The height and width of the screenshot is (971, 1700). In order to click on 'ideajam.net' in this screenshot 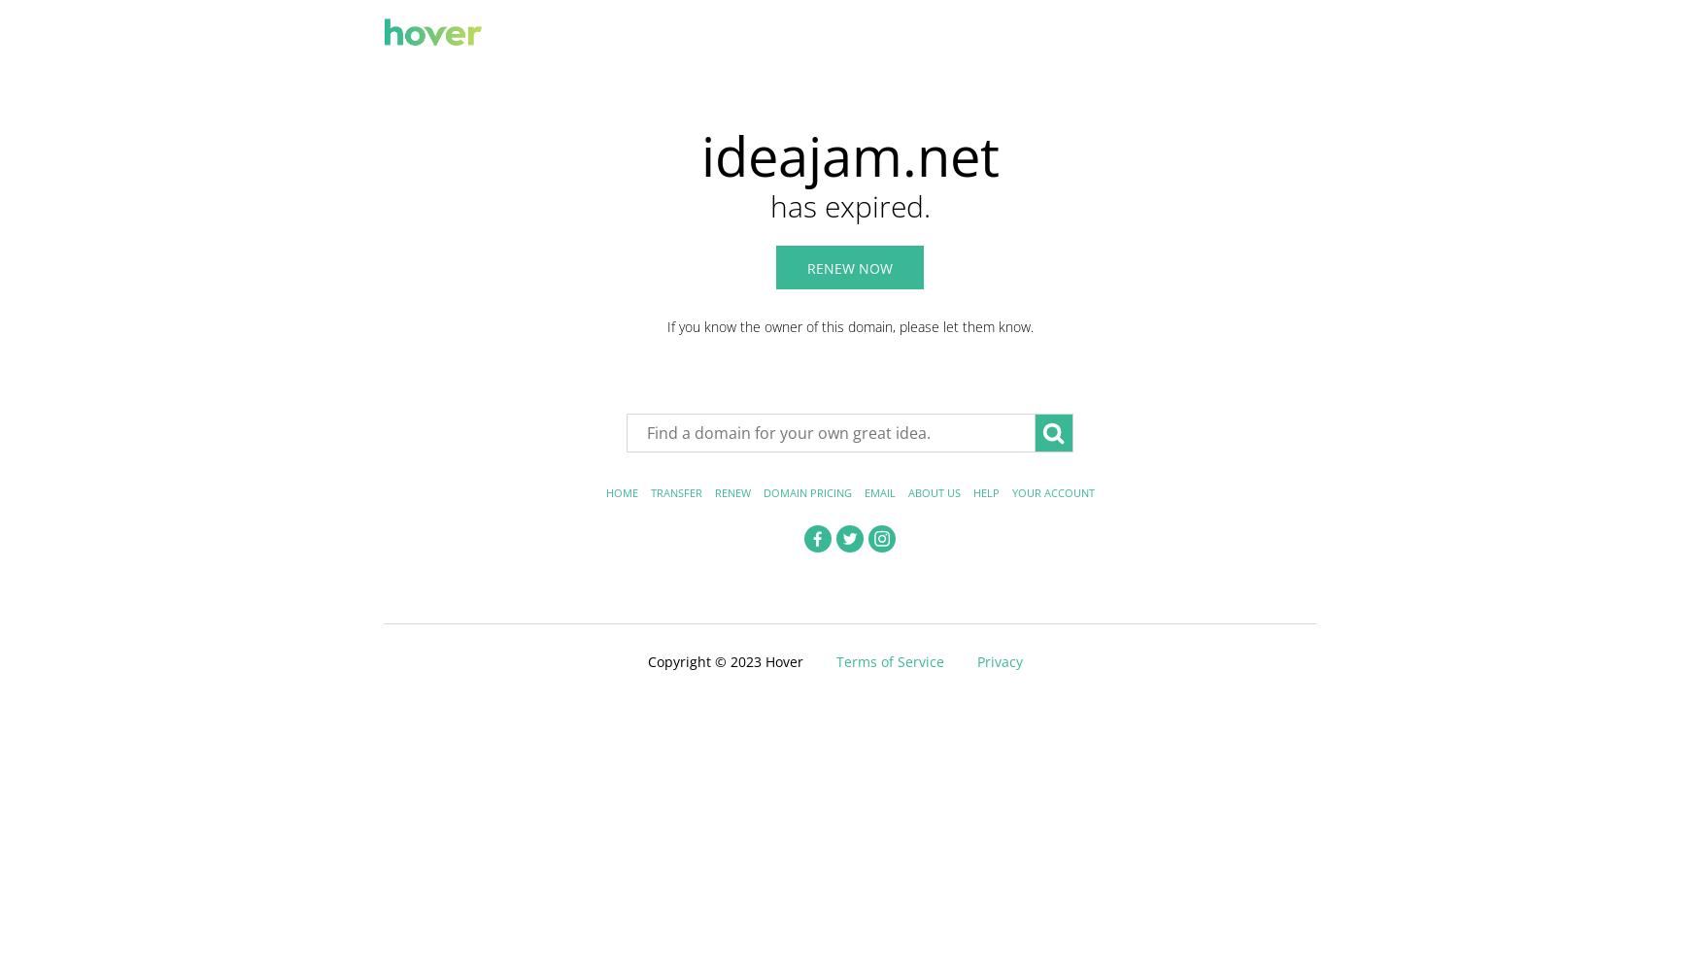, I will do `click(849, 155)`.